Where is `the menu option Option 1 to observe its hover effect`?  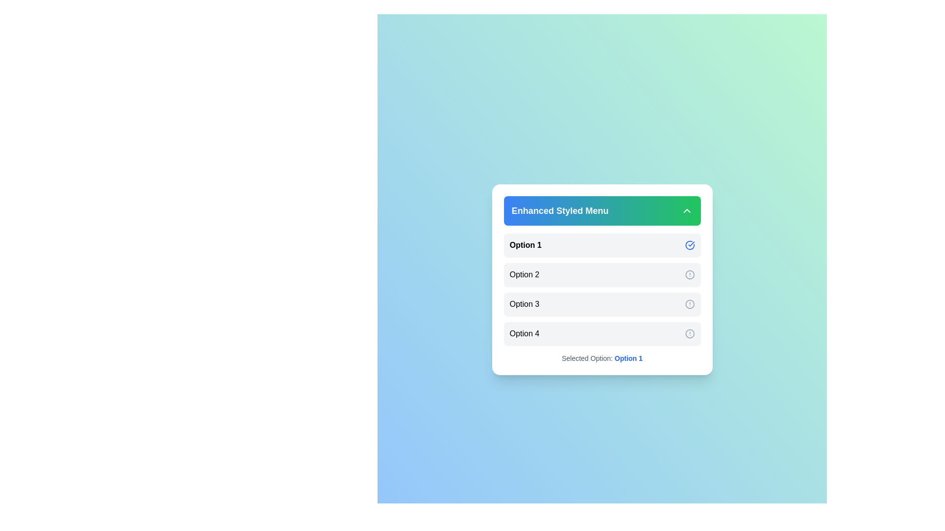
the menu option Option 1 to observe its hover effect is located at coordinates (601, 244).